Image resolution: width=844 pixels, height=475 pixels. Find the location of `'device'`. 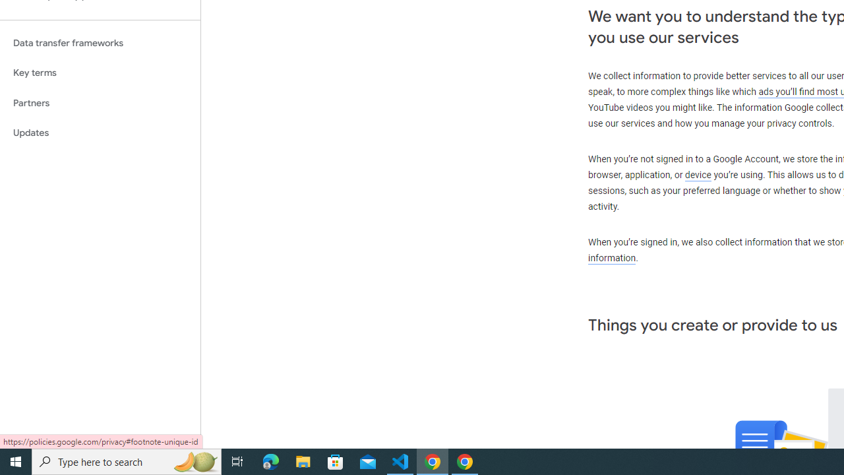

'device' is located at coordinates (698, 174).